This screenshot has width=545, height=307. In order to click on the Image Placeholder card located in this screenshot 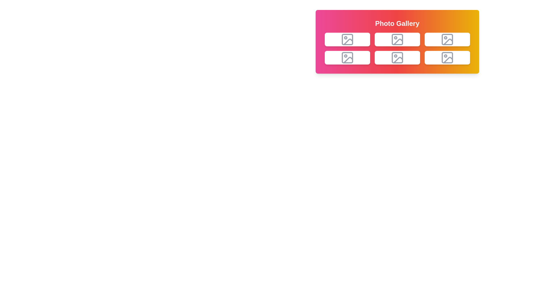, I will do `click(447, 58)`.